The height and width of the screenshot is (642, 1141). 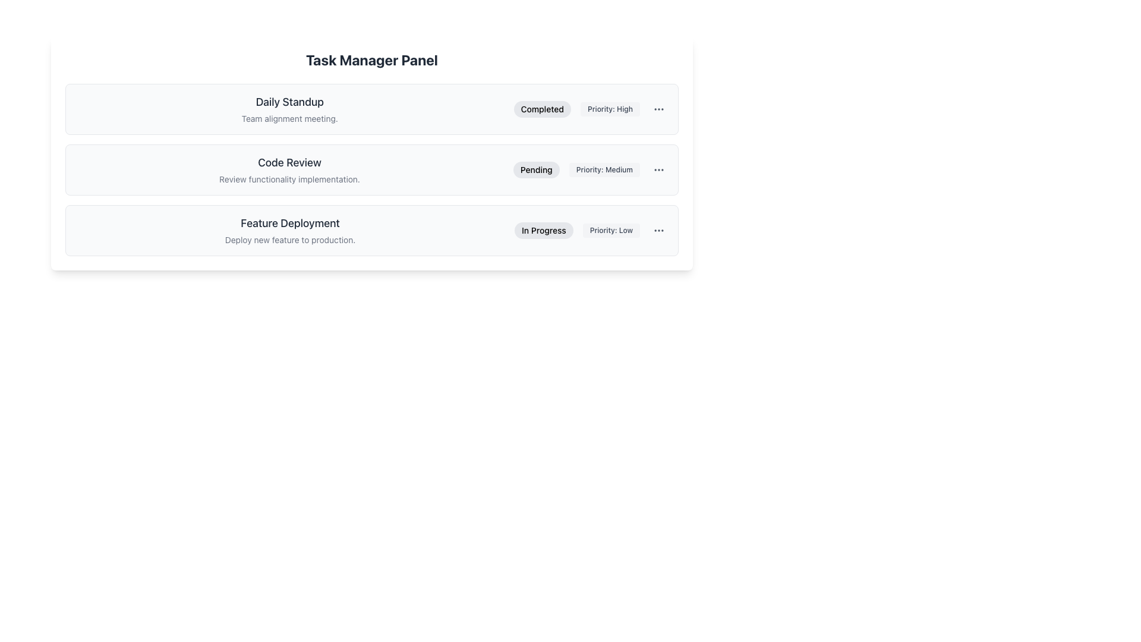 I want to click on the IconButton located to the far-right of the 'Code Review' task item, which displays options for edit, delete, or more details, so click(x=658, y=169).